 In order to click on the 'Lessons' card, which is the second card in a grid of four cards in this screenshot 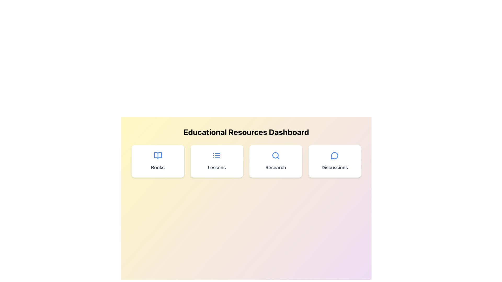, I will do `click(217, 161)`.